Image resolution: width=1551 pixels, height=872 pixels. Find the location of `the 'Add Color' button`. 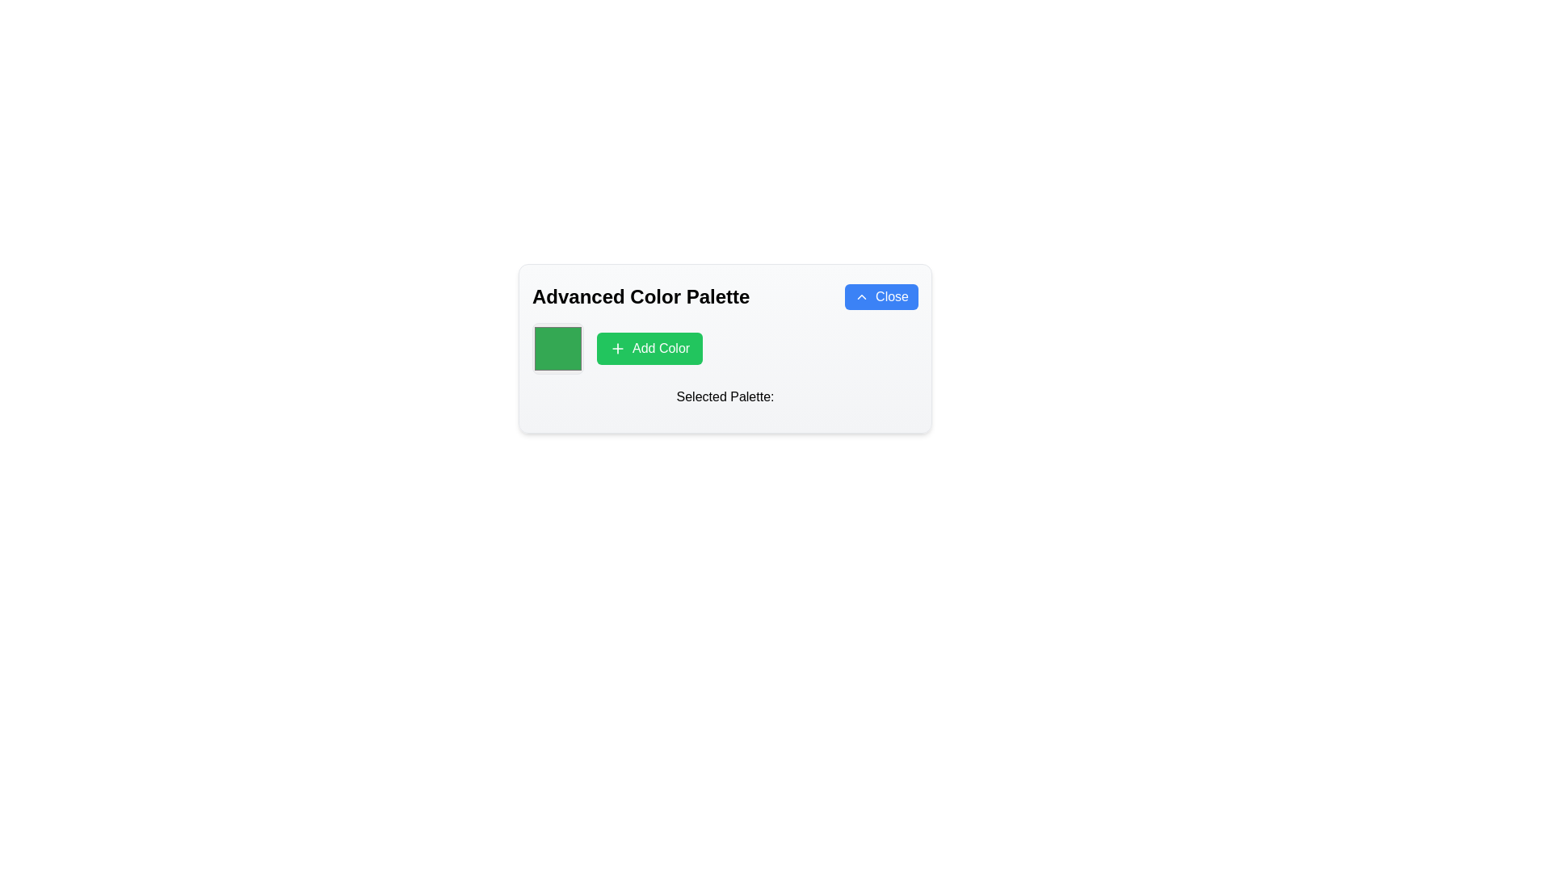

the 'Add Color' button is located at coordinates (649, 348).